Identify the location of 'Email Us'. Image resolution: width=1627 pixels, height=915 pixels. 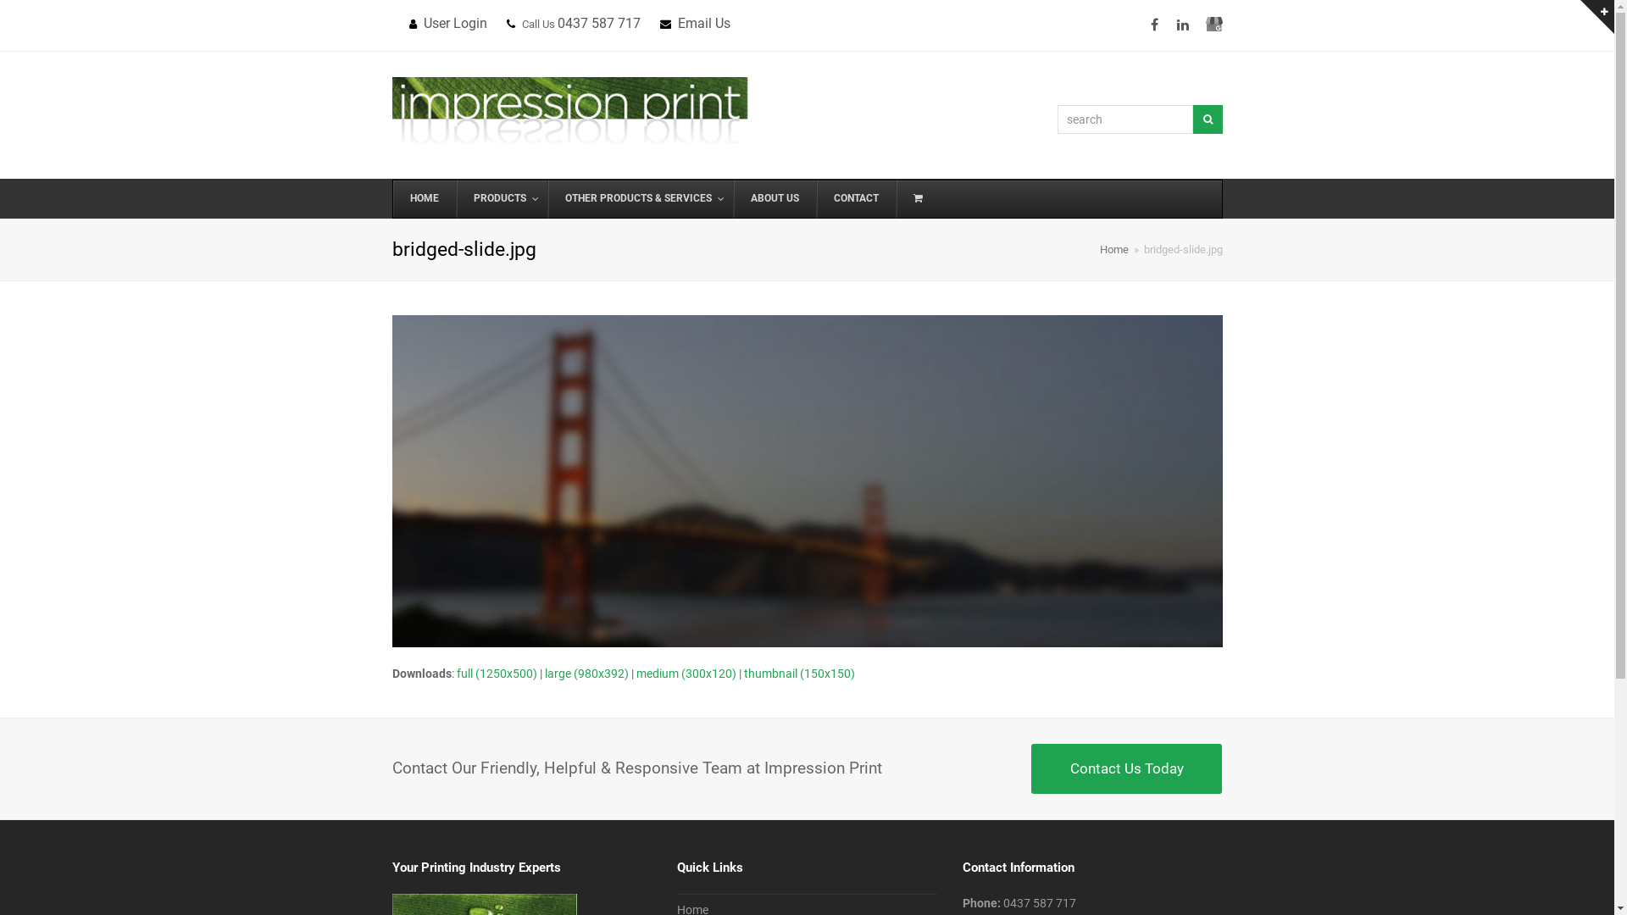
(703, 23).